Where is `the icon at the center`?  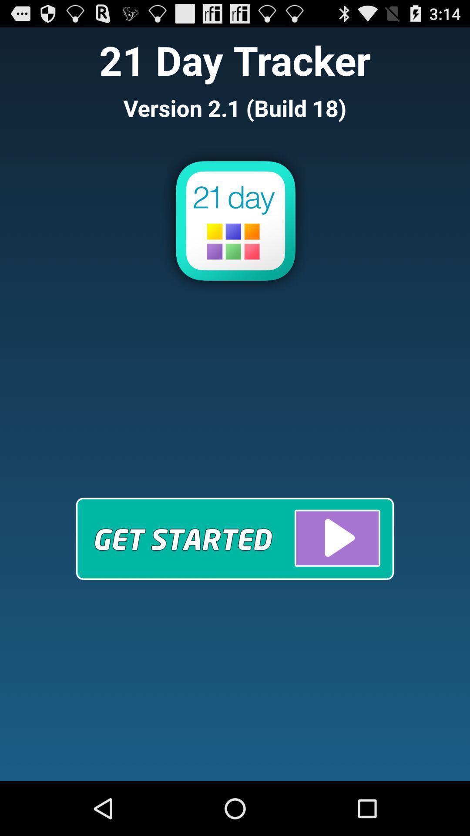
the icon at the center is located at coordinates (235, 538).